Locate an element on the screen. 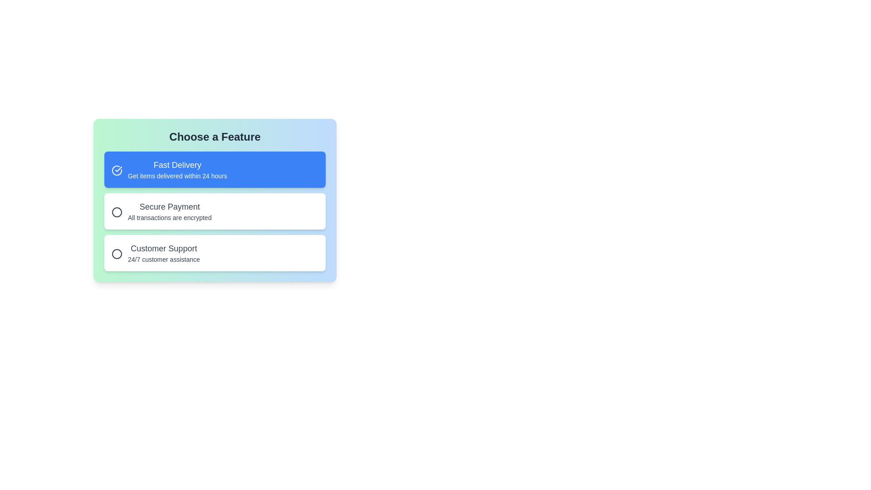 This screenshot has width=871, height=490. the 'Secure Payment' selectable option, which is the second item in the list of features is located at coordinates (215, 211).